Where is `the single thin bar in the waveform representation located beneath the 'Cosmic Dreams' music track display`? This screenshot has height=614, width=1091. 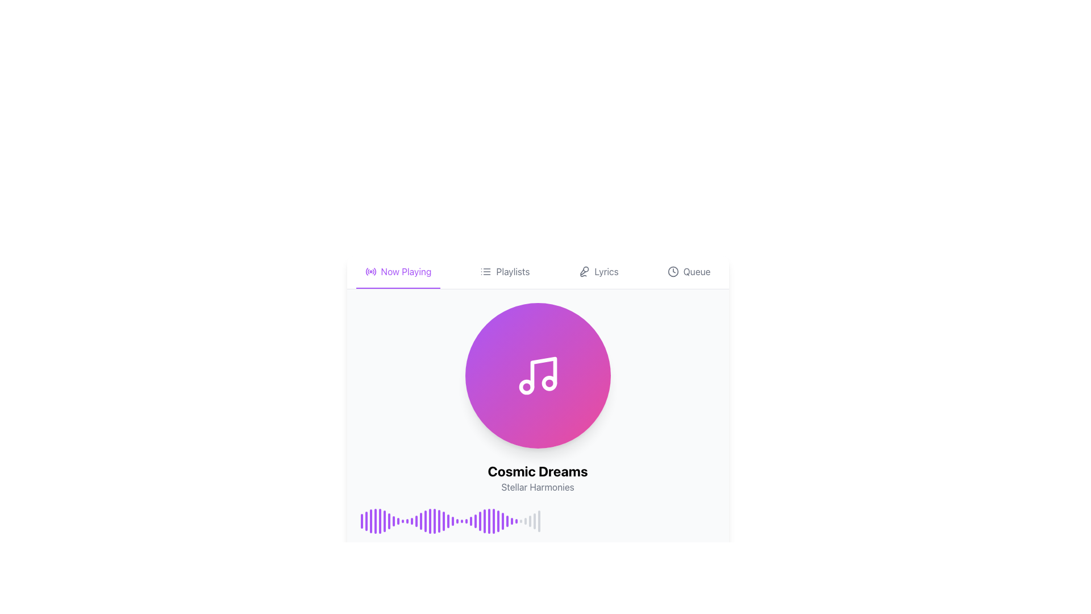 the single thin bar in the waveform representation located beneath the 'Cosmic Dreams' music track display is located at coordinates (538, 521).